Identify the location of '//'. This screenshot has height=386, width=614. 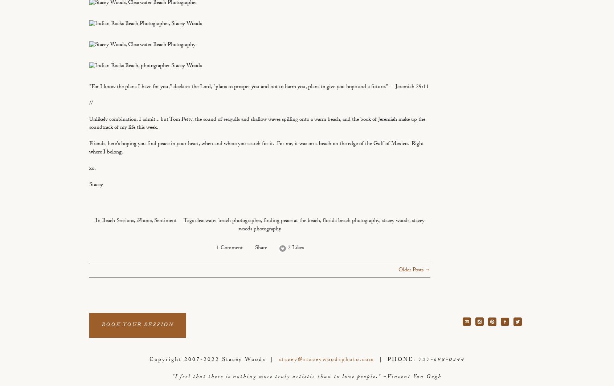
(91, 103).